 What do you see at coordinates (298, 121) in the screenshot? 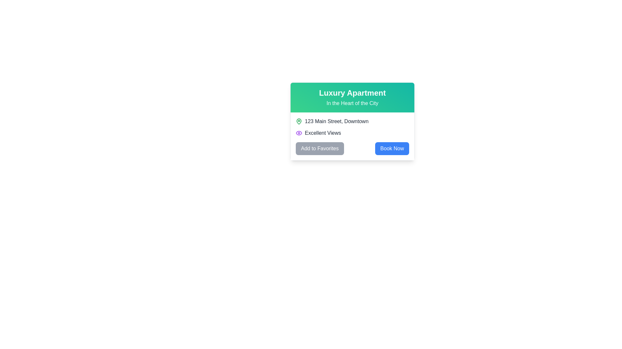
I see `the green outlined marker icon resembling a location pin, which is situated above the address text and is the leftmost element in its row` at bounding box center [298, 121].